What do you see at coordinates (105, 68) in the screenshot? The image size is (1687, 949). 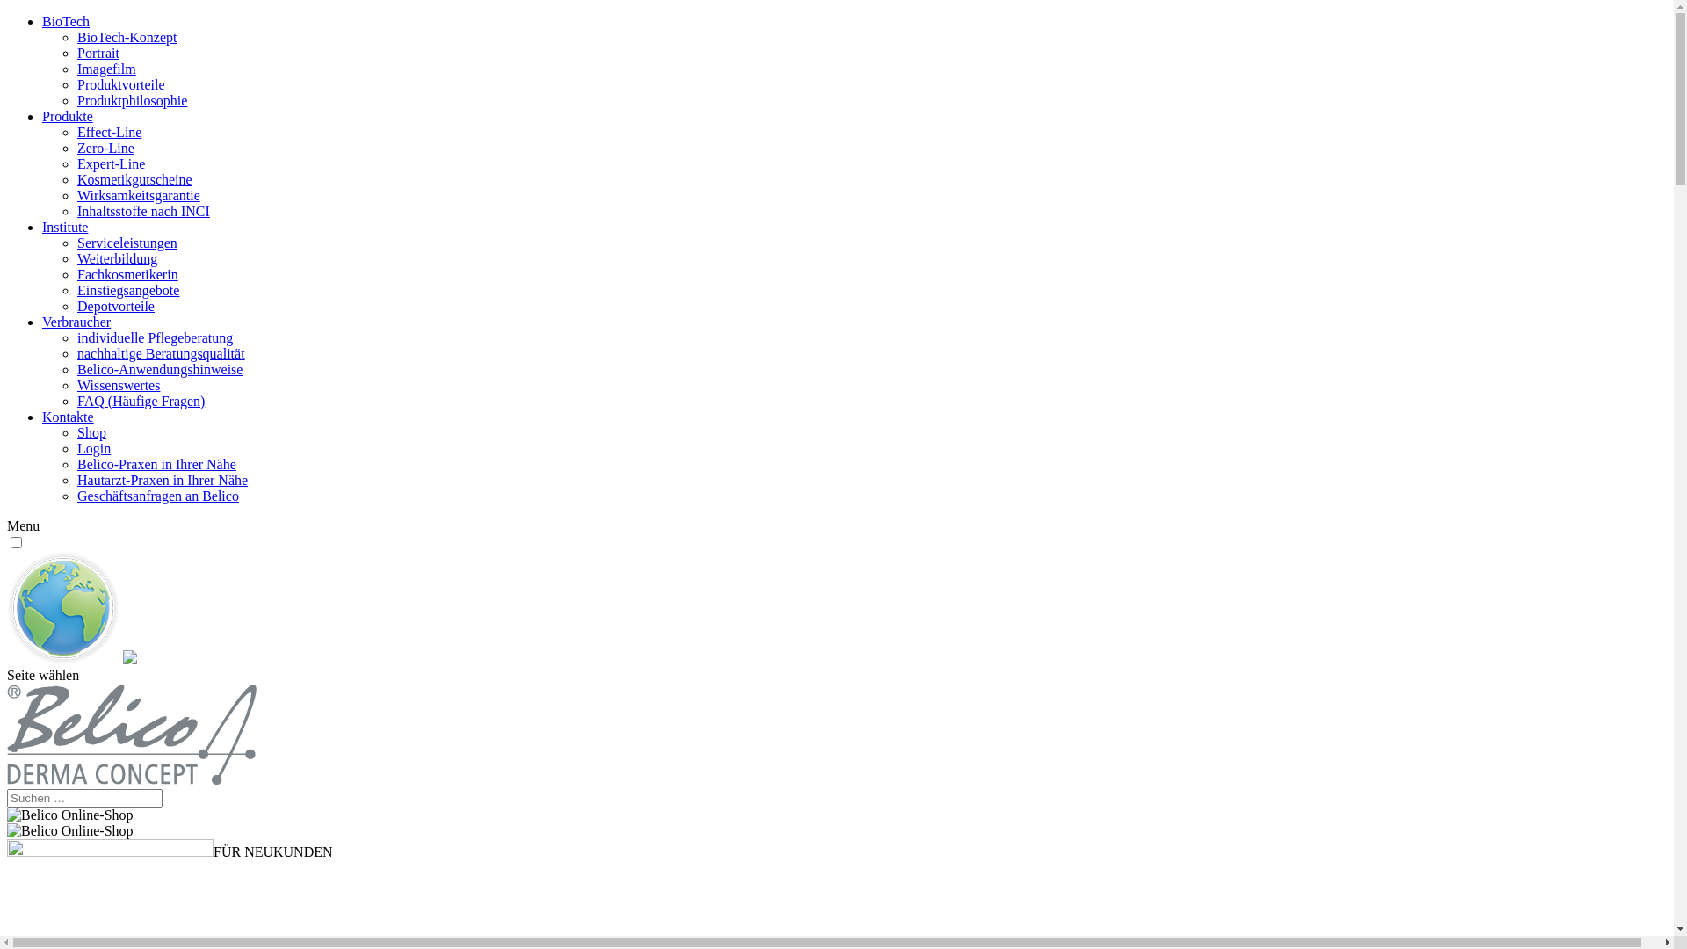 I see `'Imagefilm'` at bounding box center [105, 68].